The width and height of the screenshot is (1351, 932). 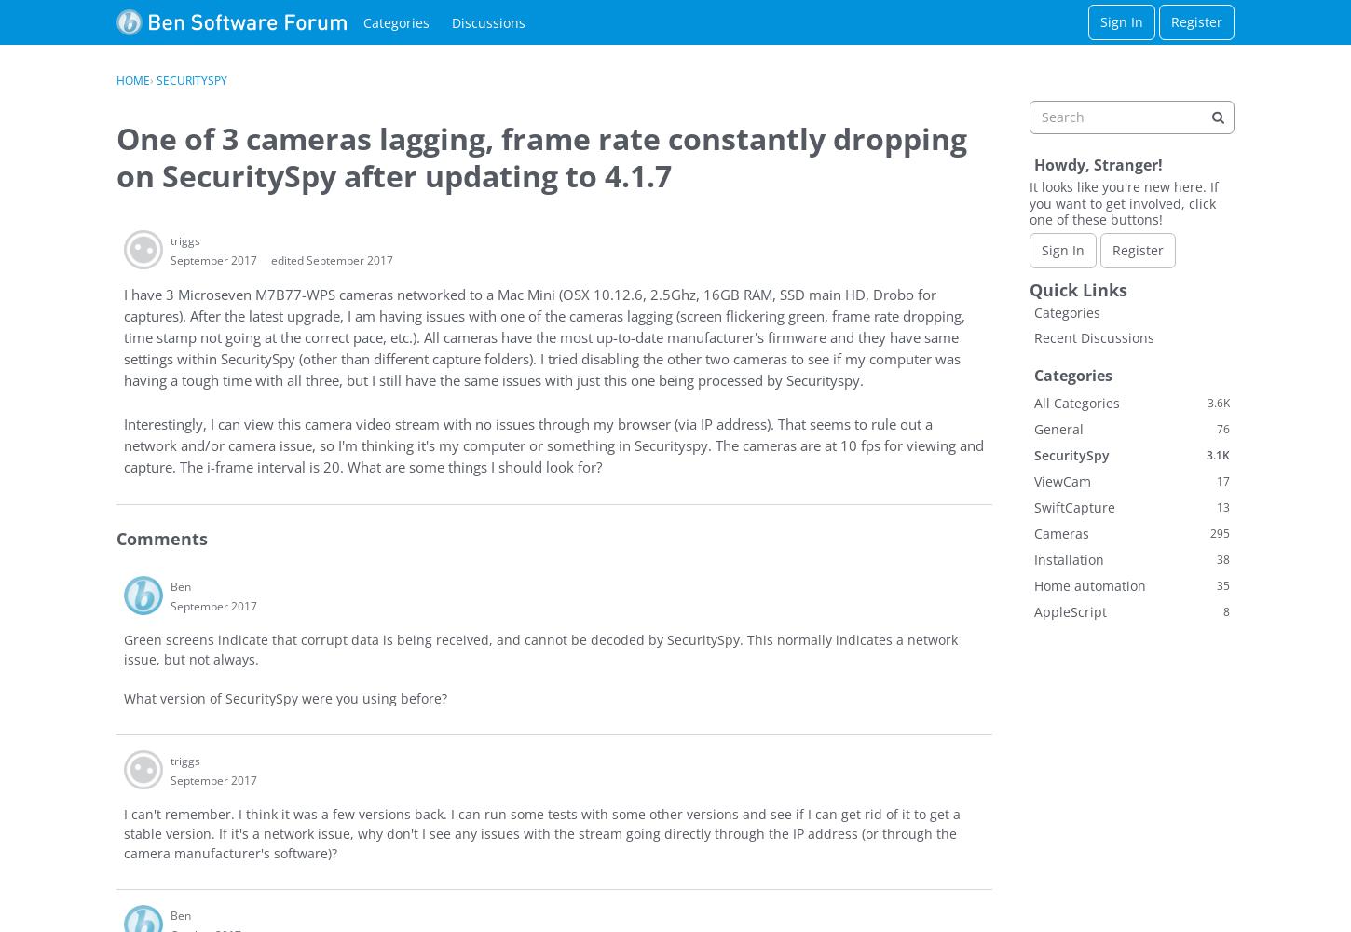 I want to click on 'I have 3 Microseven M7B77-WPS cameras networked to a Mac Mini (OSX 10.12.6, 2.5Ghz, 16GB RAM, SSD main HD, Drobo for captures). After the latest upgrade, I am having issues with one of the cameras lagging (screen flickering green, frame rate dropping, time stamp not going at the correct pace, etc.). All cameras have the most up-to-date manufacturer's firmware and they have same settings within SecuritySpy (other than different capture folders). I tried disabling the other two cameras to see if my computer was having a tough time with all three, but I still have the same issues with just this one being processed by Securityspy.', so click(x=544, y=336).